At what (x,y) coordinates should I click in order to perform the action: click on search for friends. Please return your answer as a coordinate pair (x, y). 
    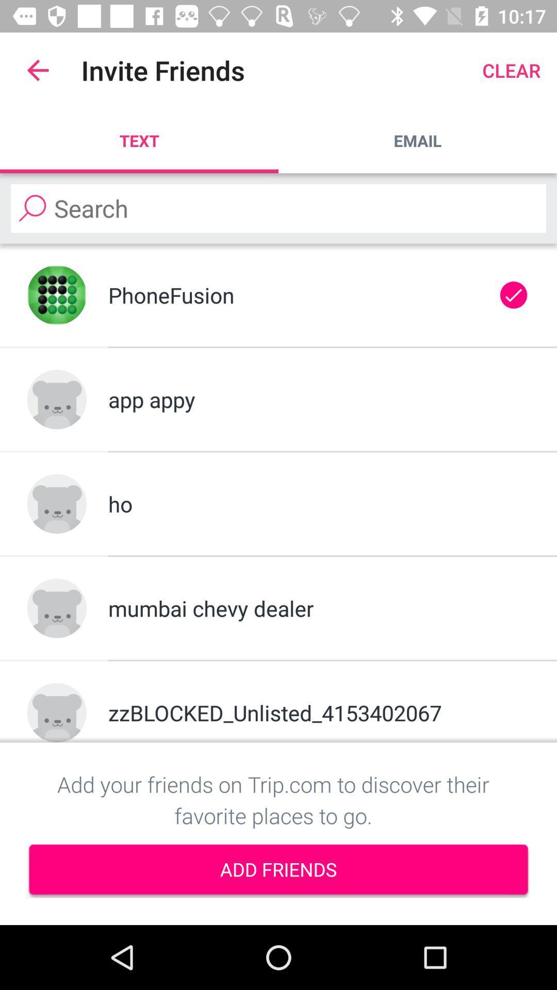
    Looking at the image, I should click on (278, 208).